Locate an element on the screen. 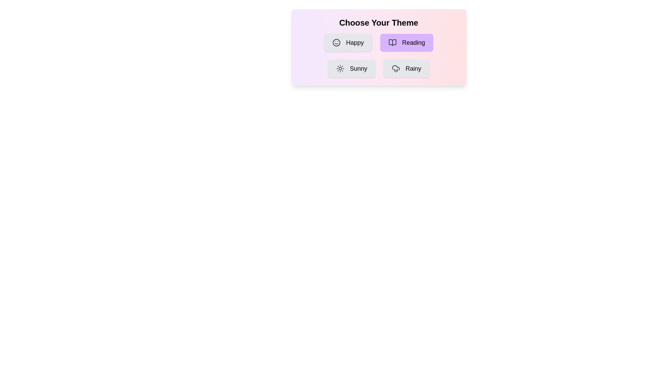 The image size is (656, 369). the theme Sunny by clicking on its button is located at coordinates (352, 68).